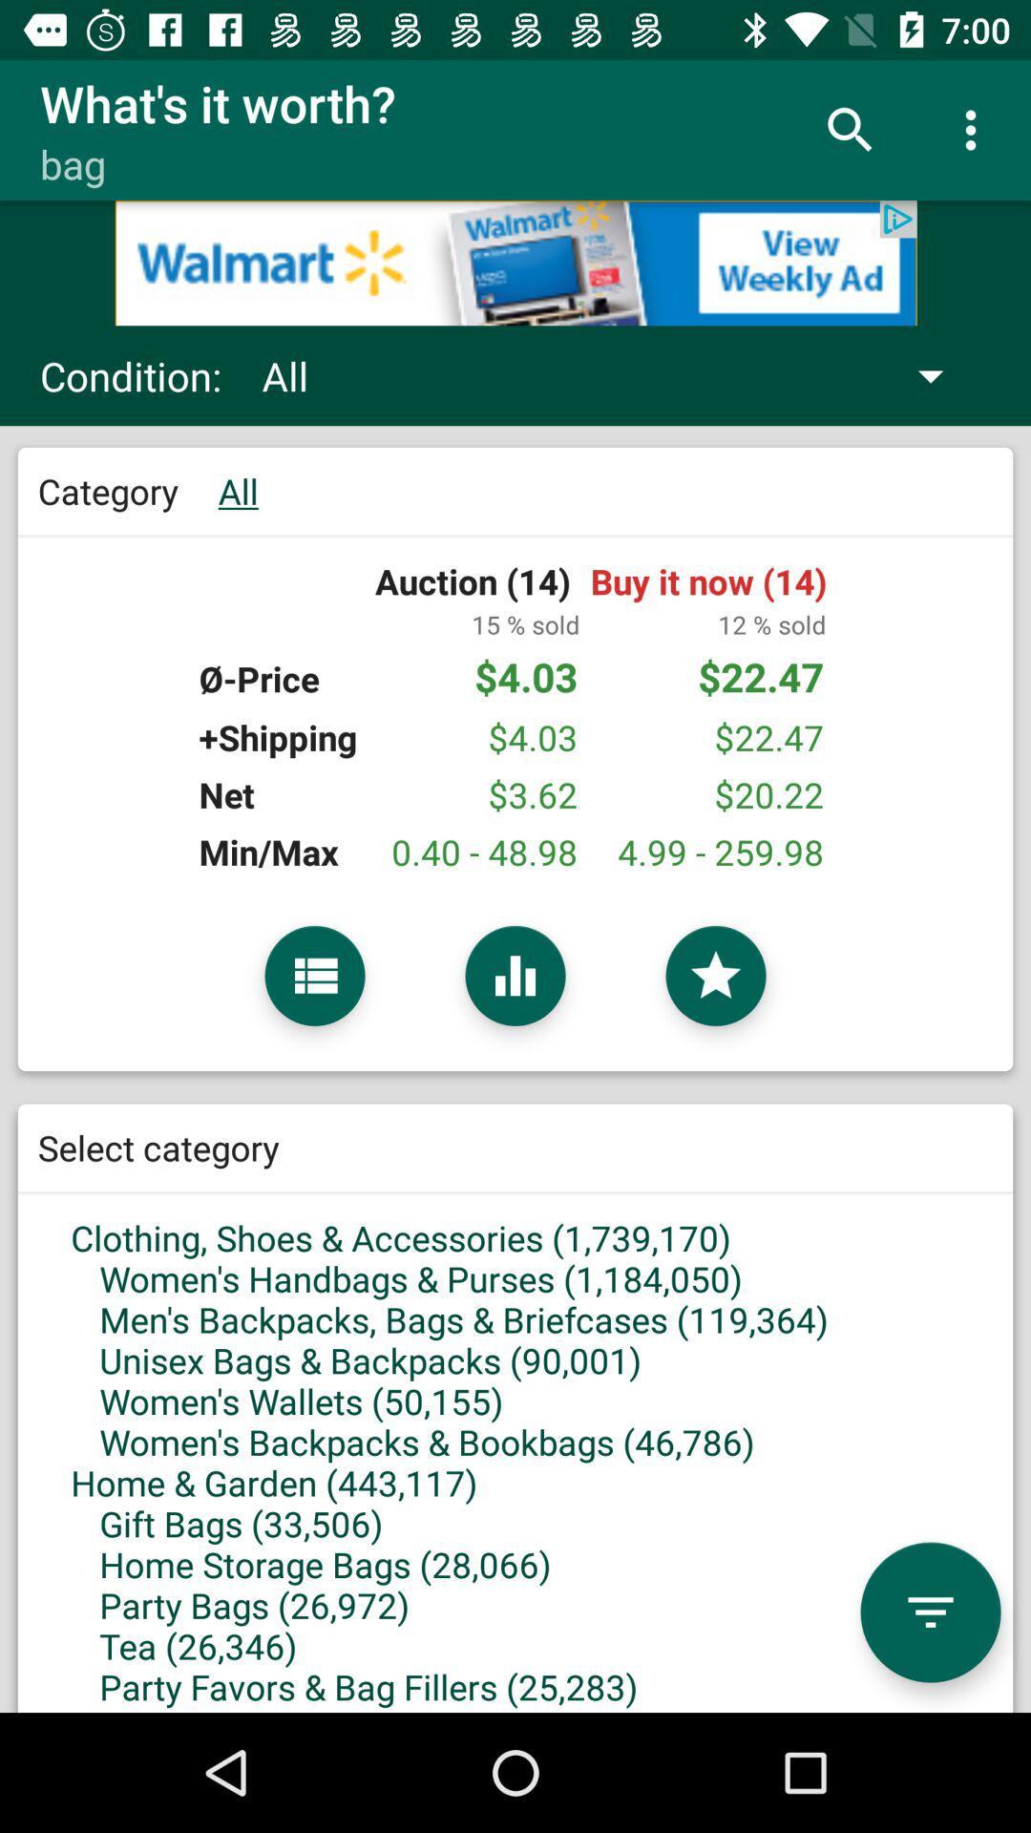  I want to click on advertisement, so click(515, 262).